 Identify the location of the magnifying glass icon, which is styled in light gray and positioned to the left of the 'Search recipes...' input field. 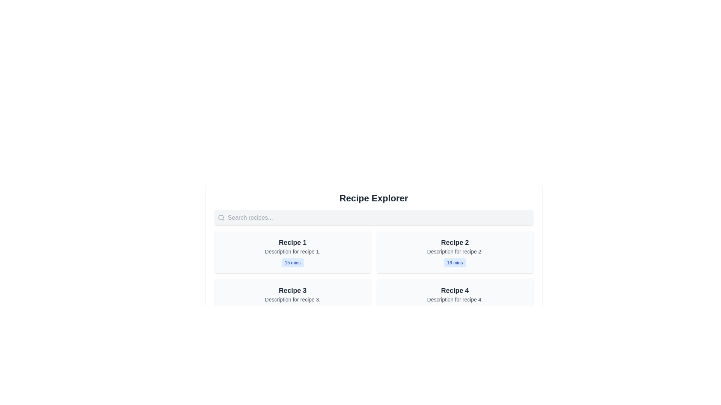
(221, 218).